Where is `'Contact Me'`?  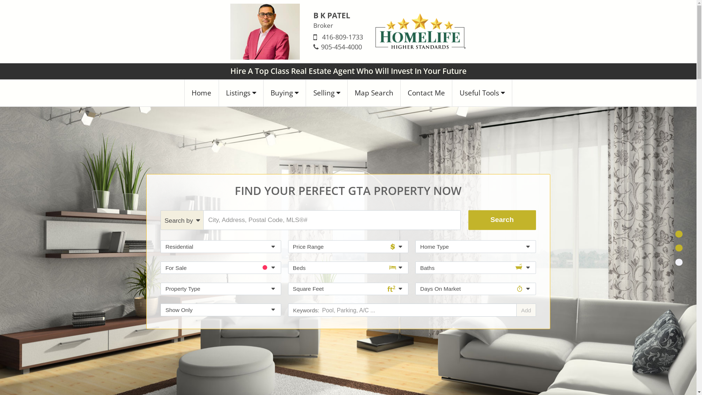 'Contact Me' is located at coordinates (400, 93).